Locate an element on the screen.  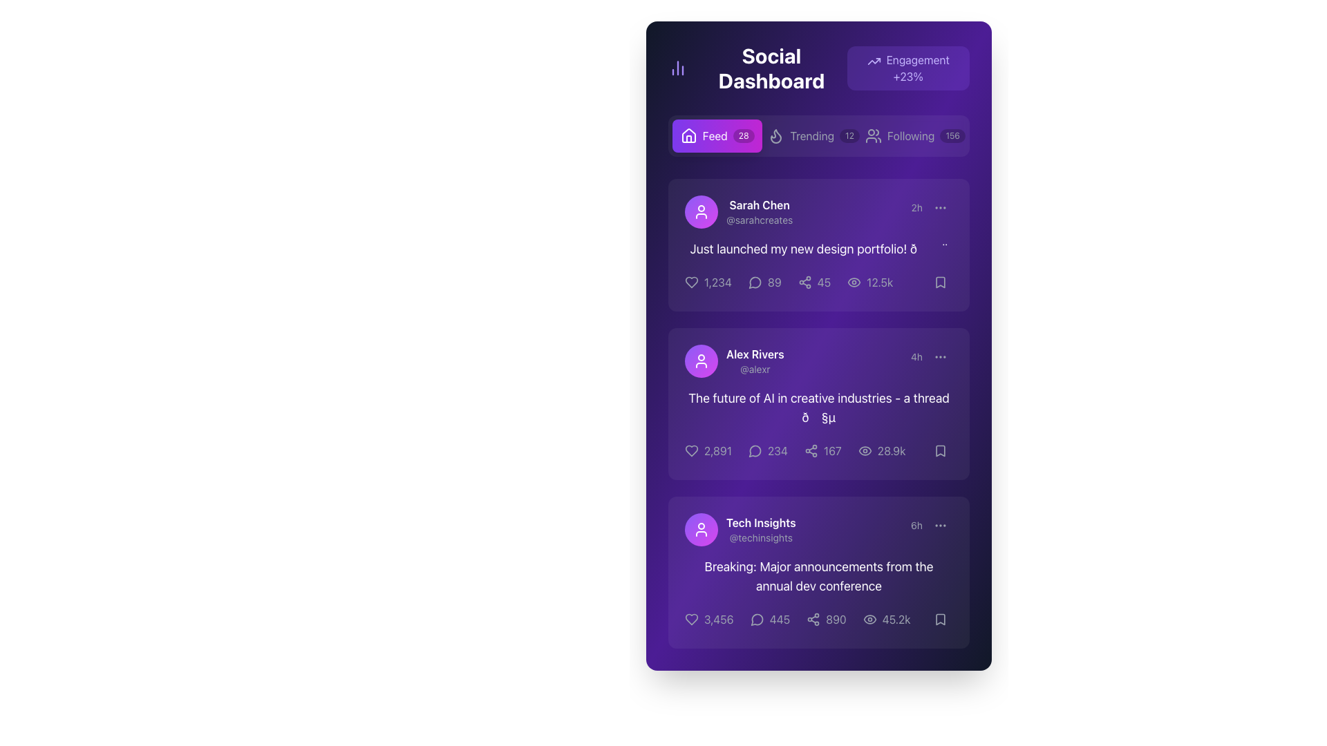
the button located at the top-right corner of the post, adjacent to the timestamp '4h' is located at coordinates (940, 356).